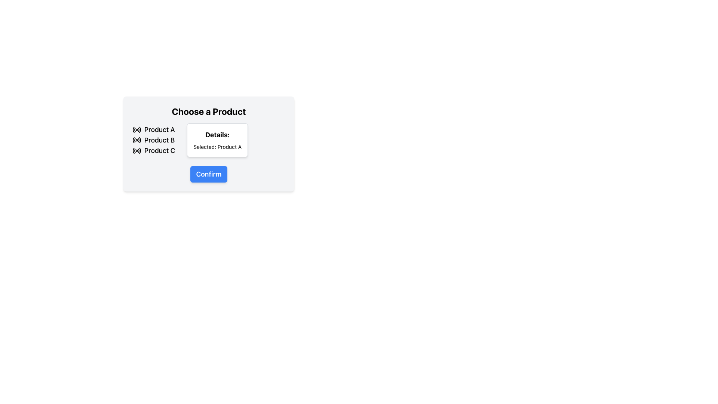 Image resolution: width=718 pixels, height=404 pixels. I want to click on the selected radio button for 'Product A', which is the first, so click(136, 129).